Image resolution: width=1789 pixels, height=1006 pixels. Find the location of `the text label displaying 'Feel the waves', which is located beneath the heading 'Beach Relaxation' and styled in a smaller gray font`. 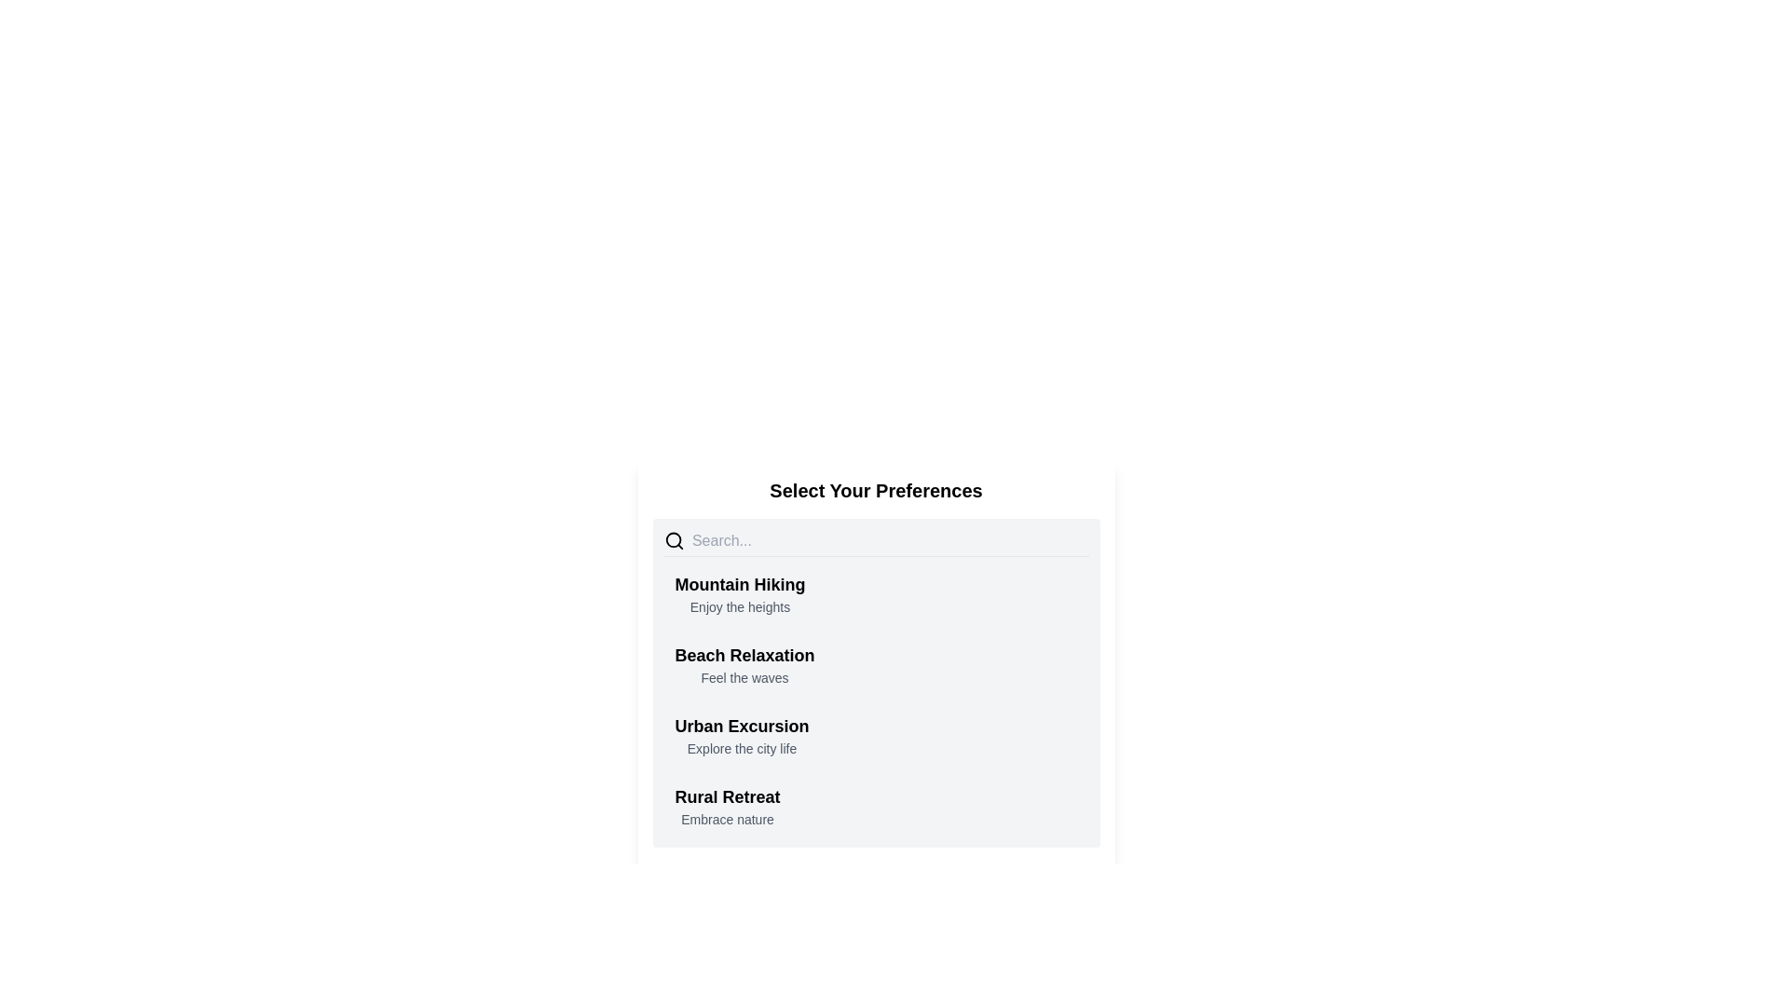

the text label displaying 'Feel the waves', which is located beneath the heading 'Beach Relaxation' and styled in a smaller gray font is located at coordinates (744, 678).